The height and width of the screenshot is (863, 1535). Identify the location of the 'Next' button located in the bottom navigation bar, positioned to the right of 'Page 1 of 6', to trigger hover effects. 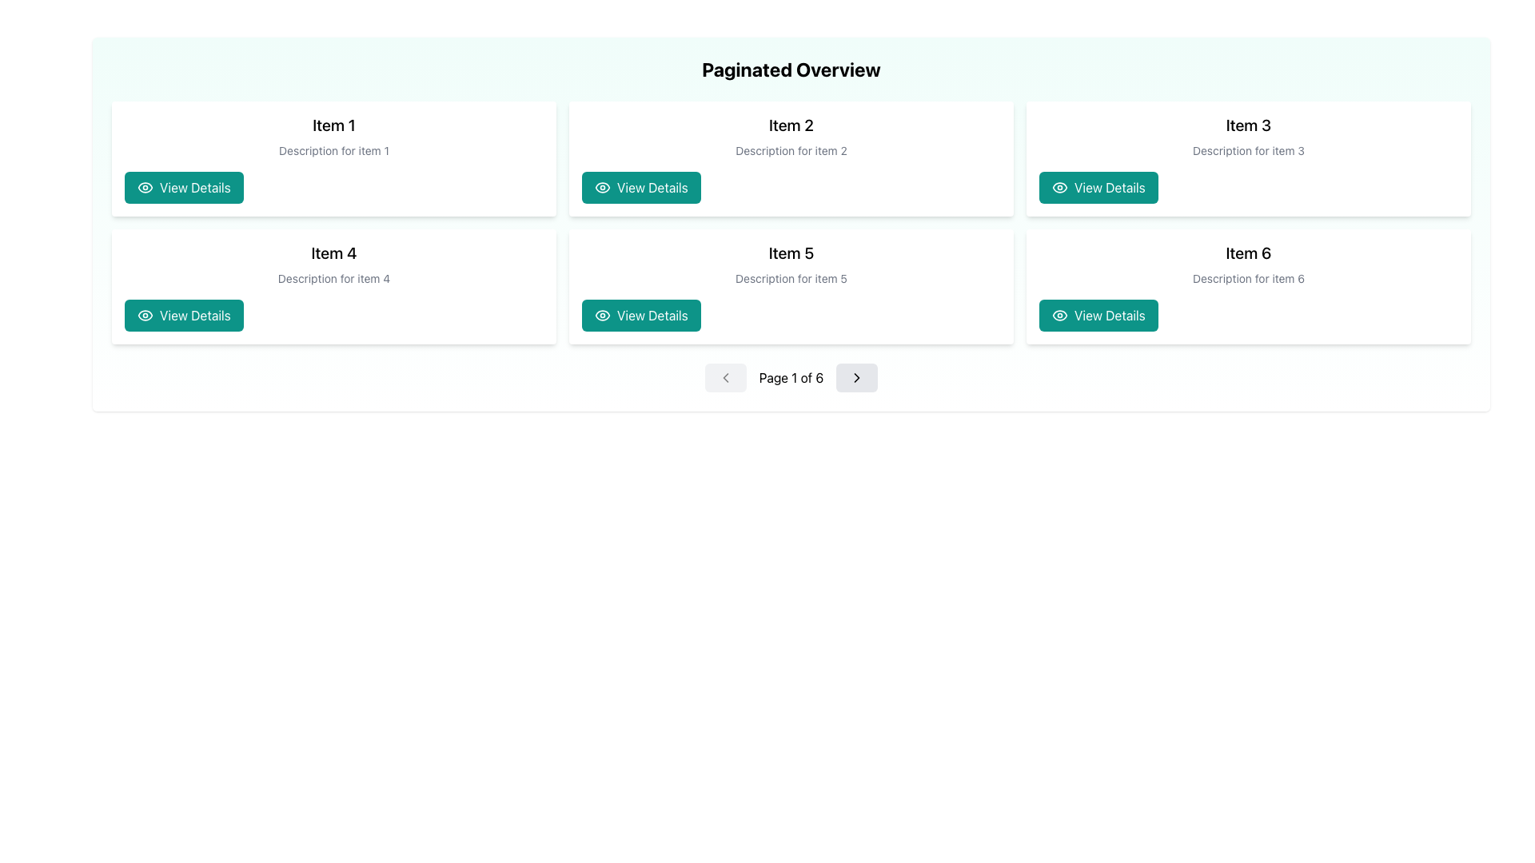
(856, 378).